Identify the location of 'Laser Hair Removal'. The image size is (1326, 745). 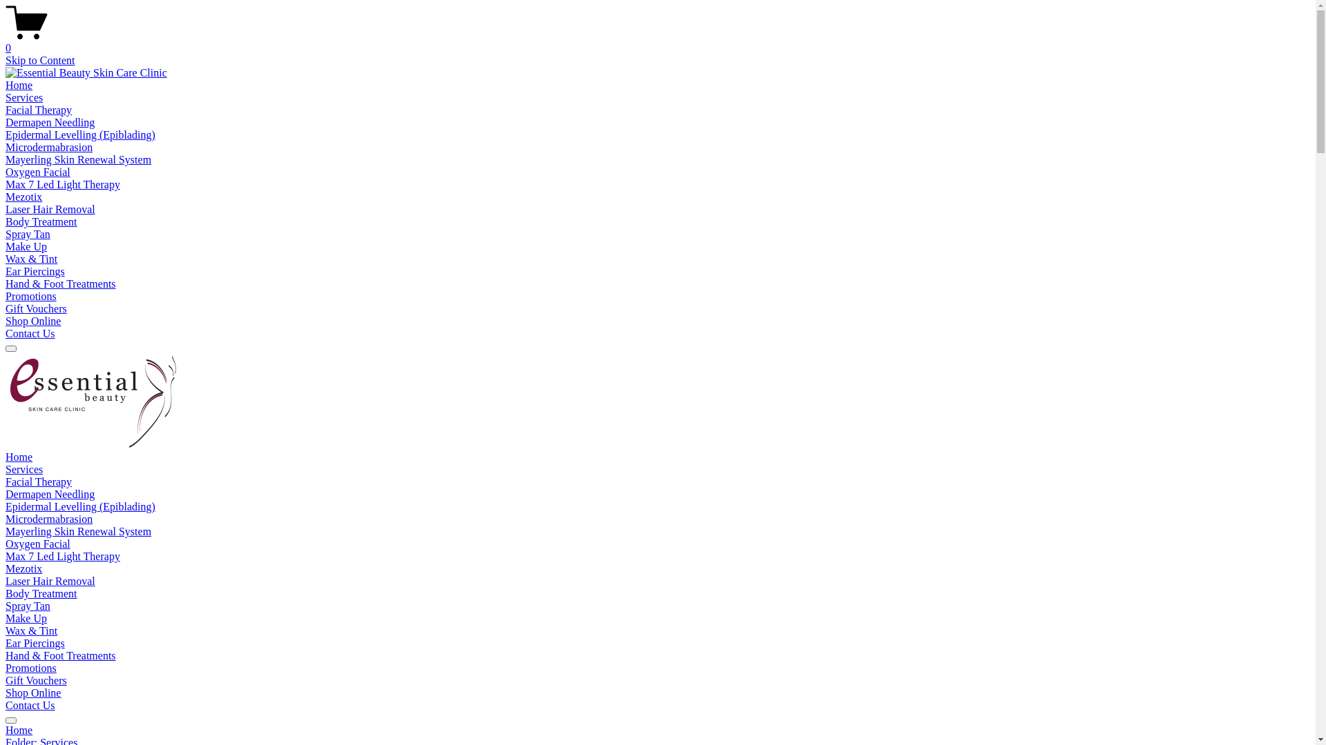
(50, 581).